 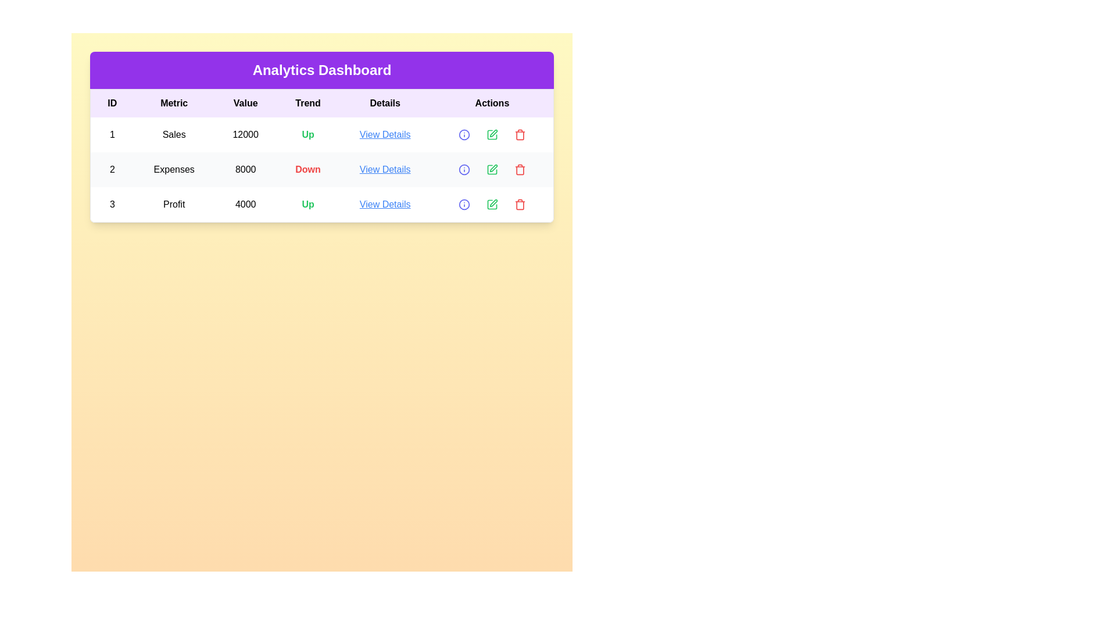 What do you see at coordinates (173, 204) in the screenshot?
I see `the 'Profit' text label located in the 'Metric' column of the third row in the table, which is centered and aligned with other similar labels` at bounding box center [173, 204].